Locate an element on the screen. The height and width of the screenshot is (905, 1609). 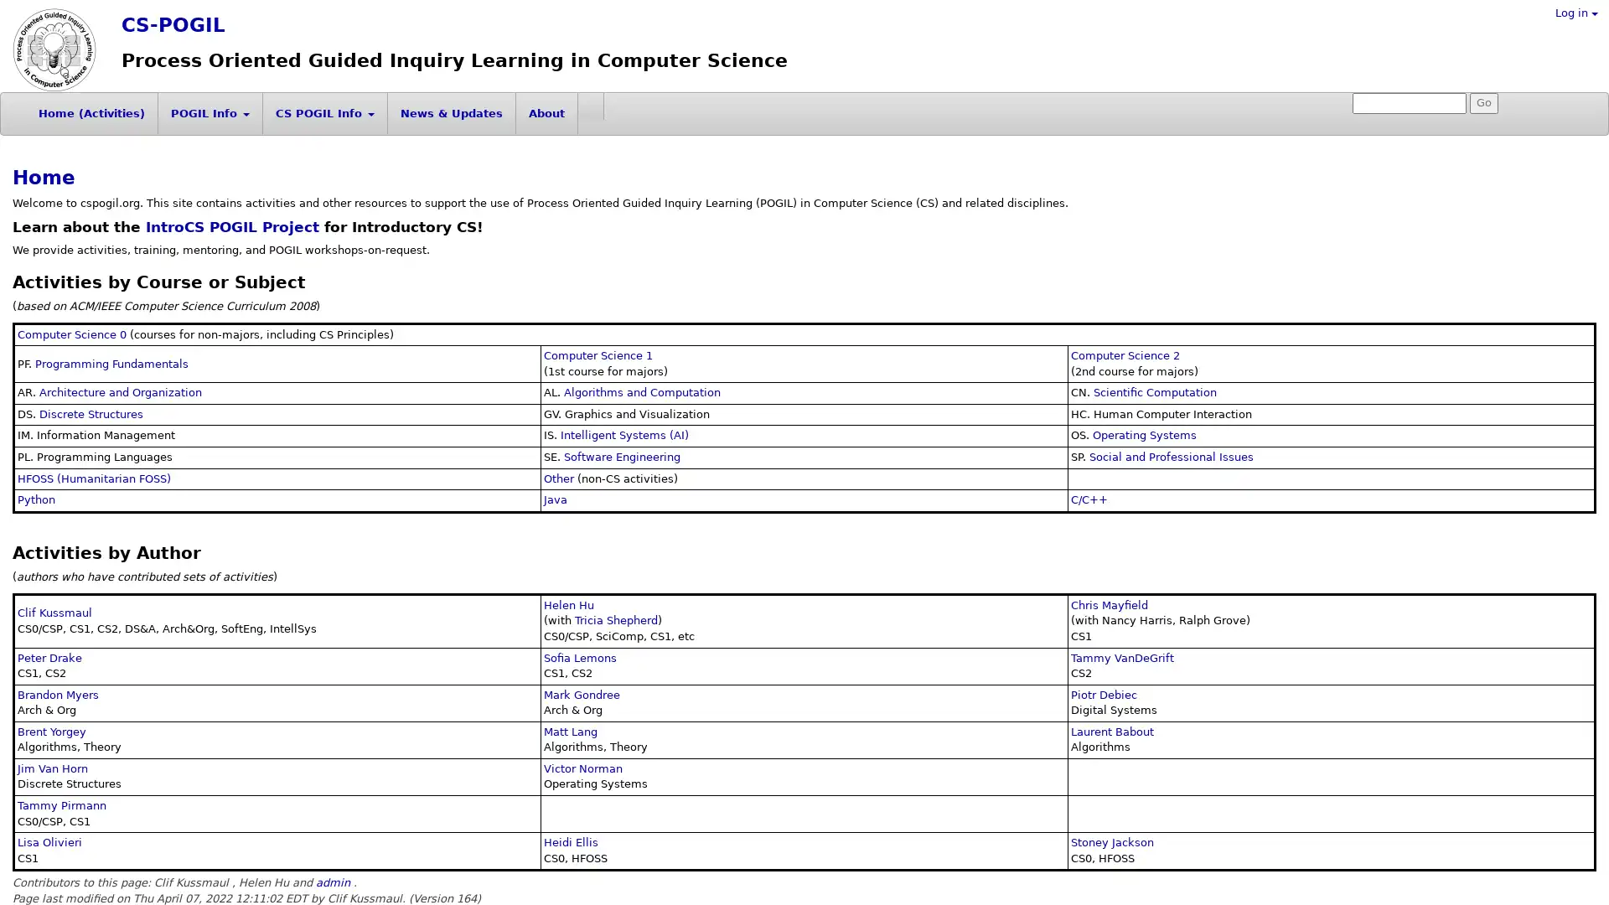
Go is located at coordinates (1484, 103).